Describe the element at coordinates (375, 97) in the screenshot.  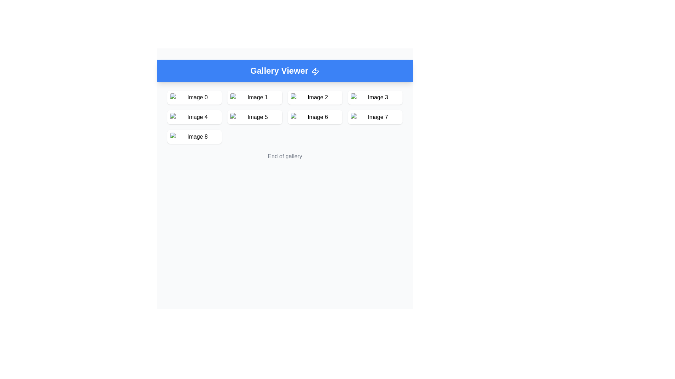
I see `the image thumbnail located in the top-right section of the gallery interface` at that location.